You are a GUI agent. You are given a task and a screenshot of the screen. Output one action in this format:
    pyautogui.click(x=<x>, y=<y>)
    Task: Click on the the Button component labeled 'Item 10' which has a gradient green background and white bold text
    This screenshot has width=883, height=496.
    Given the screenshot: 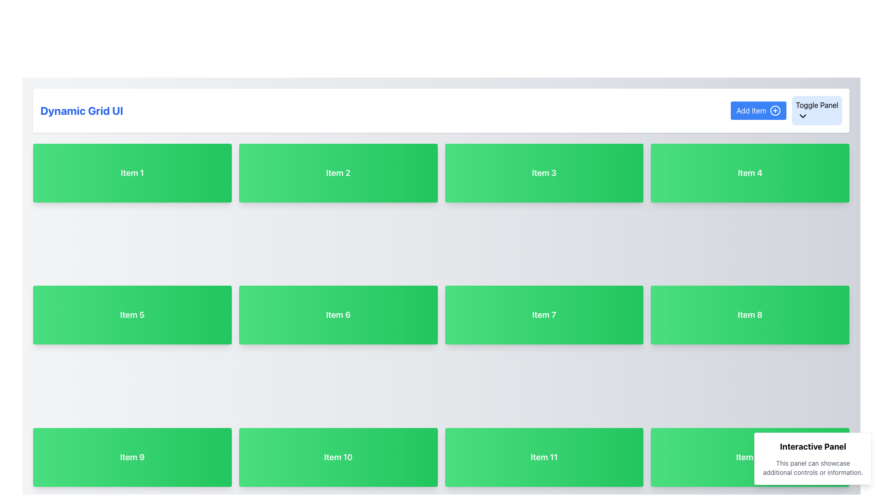 What is the action you would take?
    pyautogui.click(x=338, y=457)
    